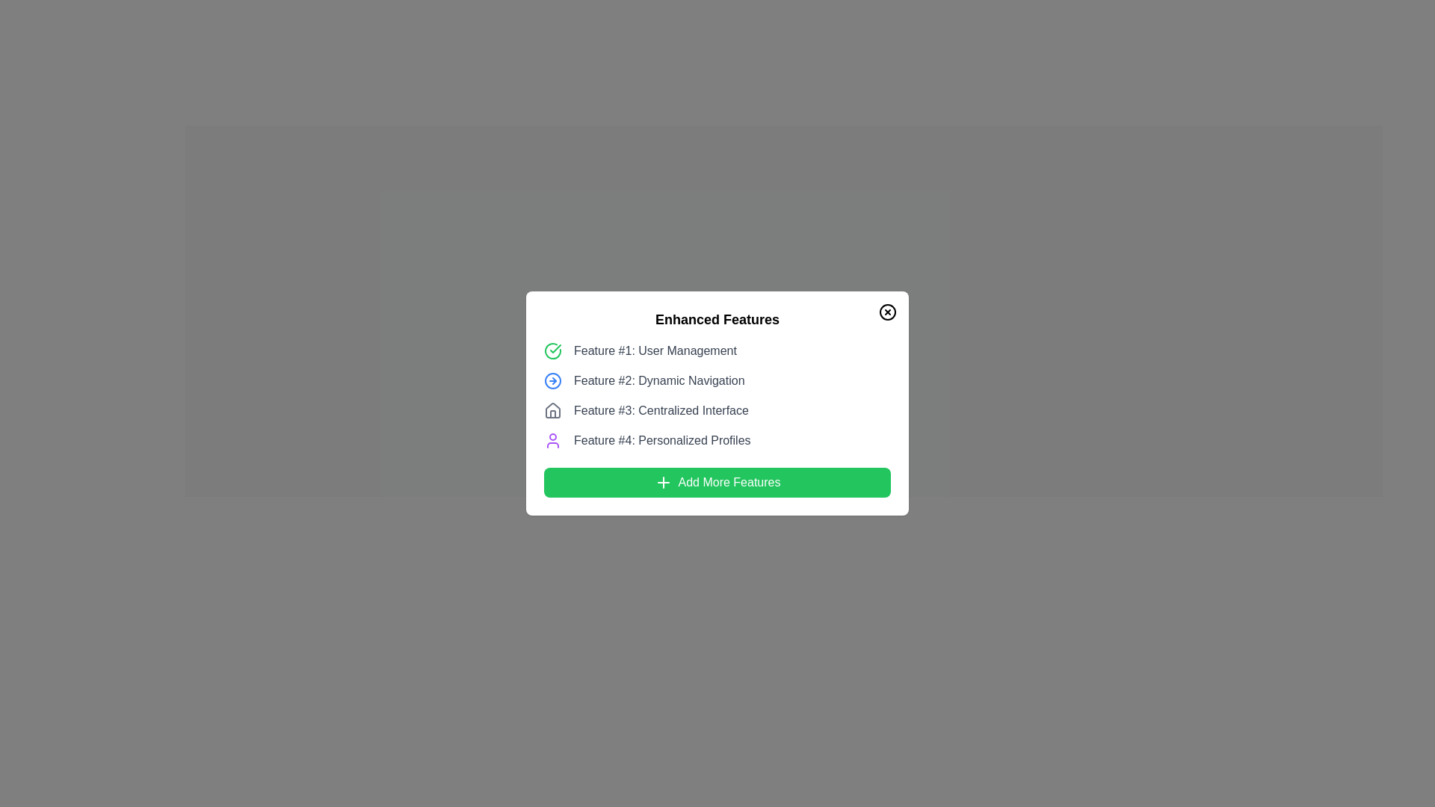  What do you see at coordinates (717, 411) in the screenshot?
I see `the label displaying 'Feature #3: Centralized Interface' with its accompanying icon, which is positioned between 'Feature #2: Dynamic Navigation' and 'Feature #4: Personalized Profiles'` at bounding box center [717, 411].